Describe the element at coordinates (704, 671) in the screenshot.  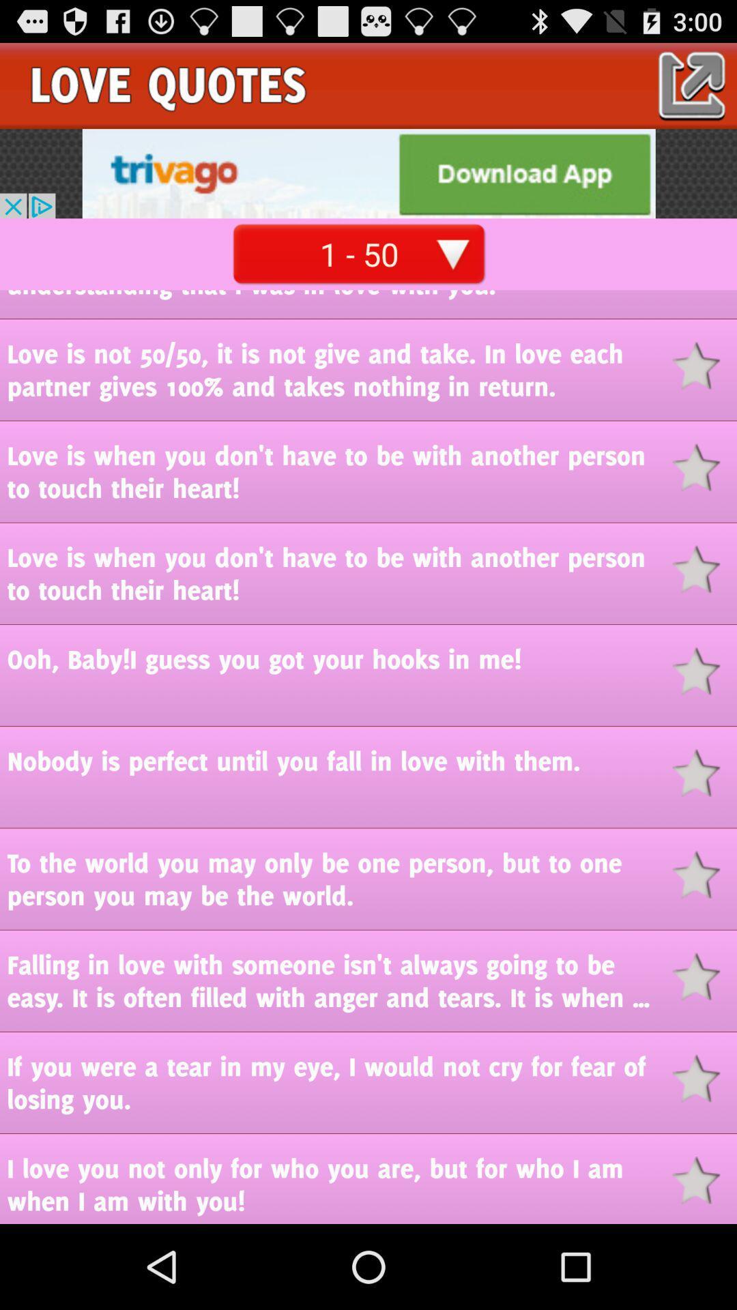
I see `quote` at that location.